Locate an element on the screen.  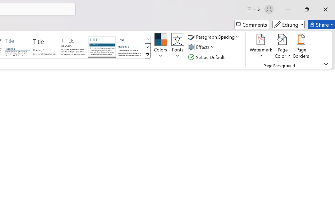
'Editing' is located at coordinates (288, 25).